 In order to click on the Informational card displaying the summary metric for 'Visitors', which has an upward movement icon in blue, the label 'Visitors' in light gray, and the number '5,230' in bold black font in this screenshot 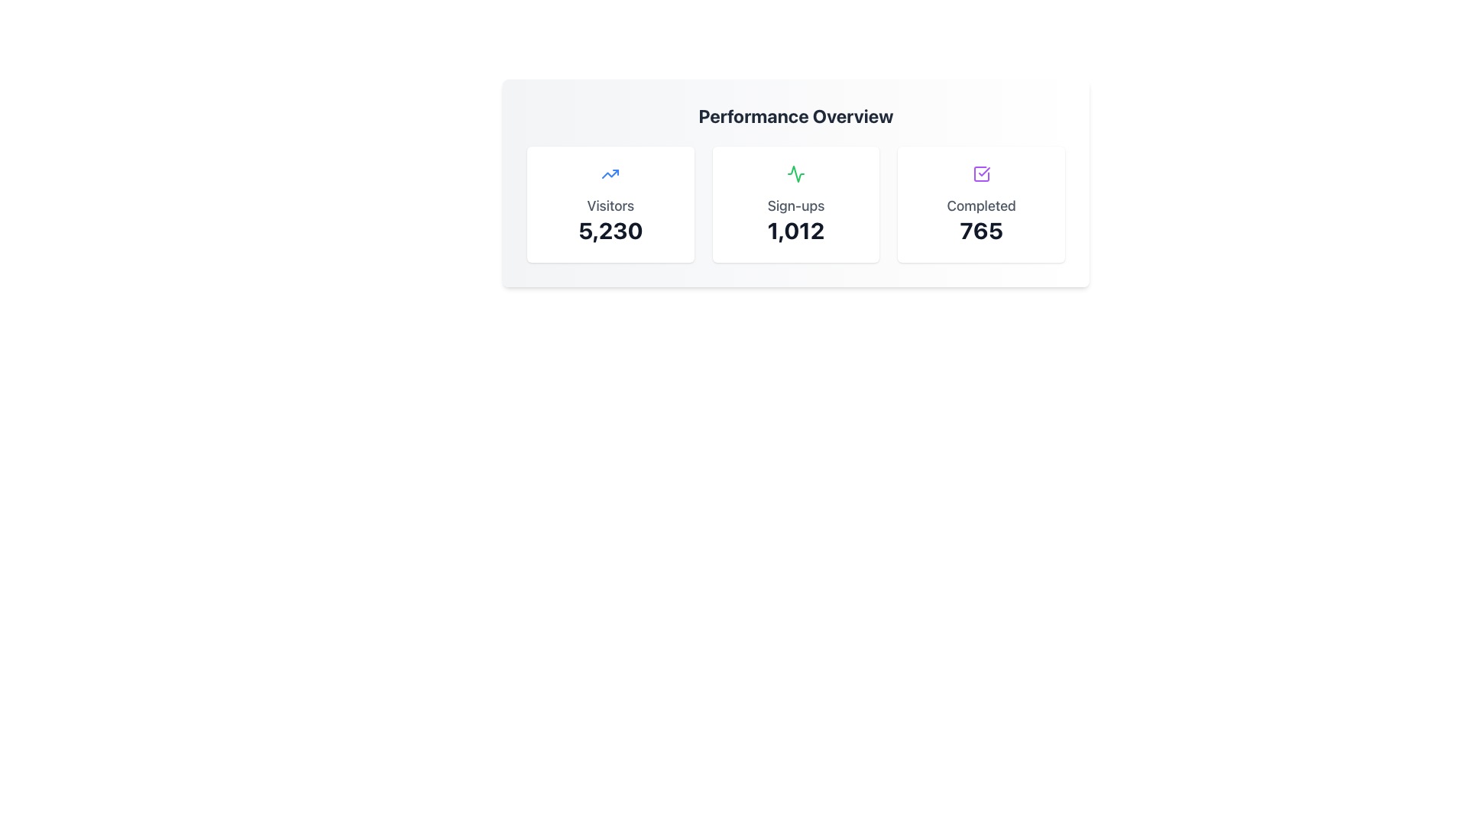, I will do `click(610, 203)`.